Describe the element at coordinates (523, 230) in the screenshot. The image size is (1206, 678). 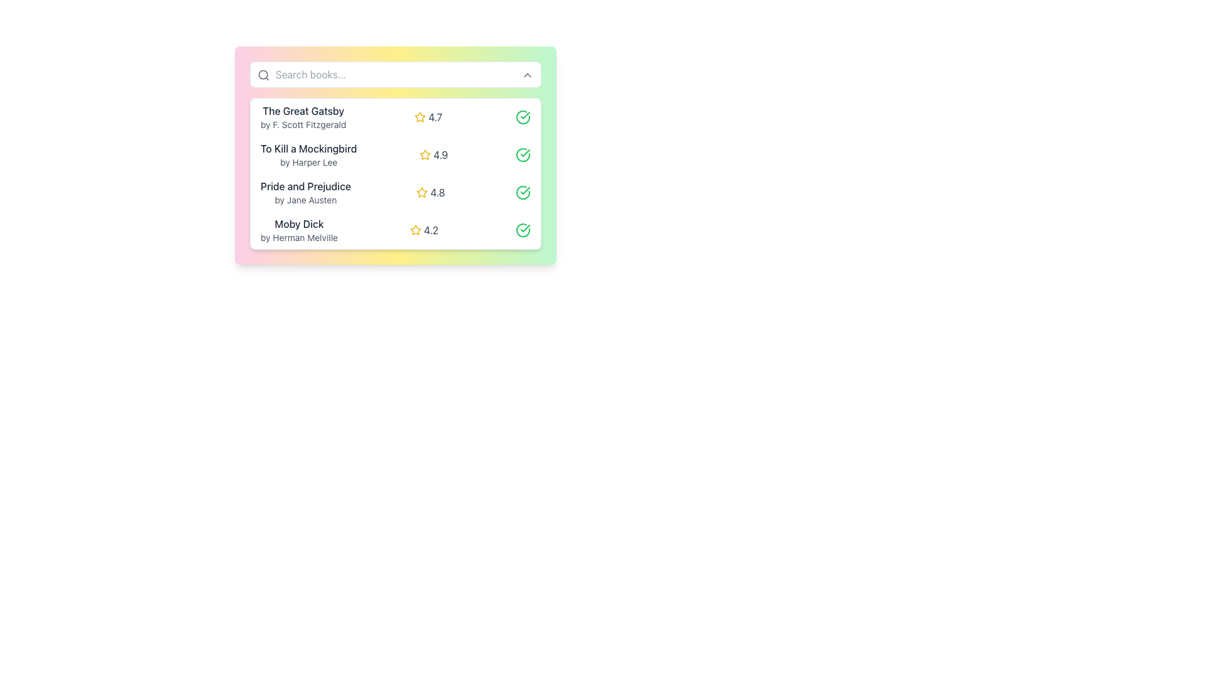
I see `green circular checkmark icon representing validation for a book entry by opening the developer tools` at that location.